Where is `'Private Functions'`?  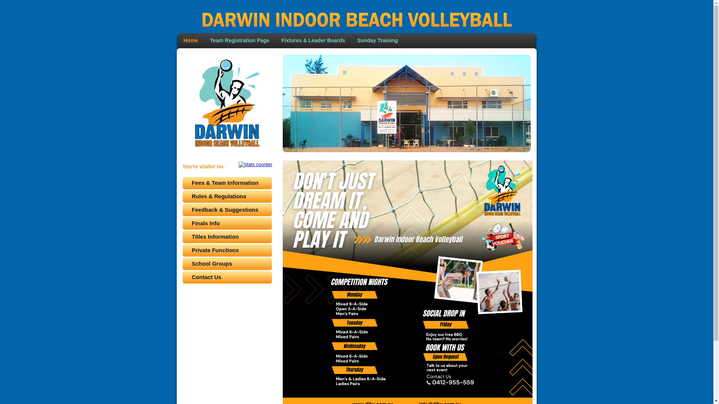
'Private Functions' is located at coordinates (227, 250).